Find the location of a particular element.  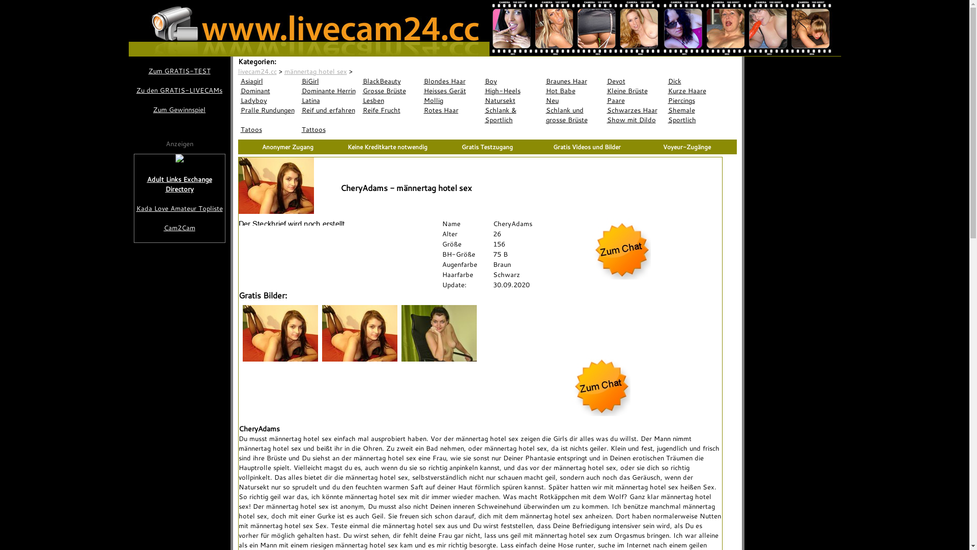

'Lesben' is located at coordinates (390, 100).